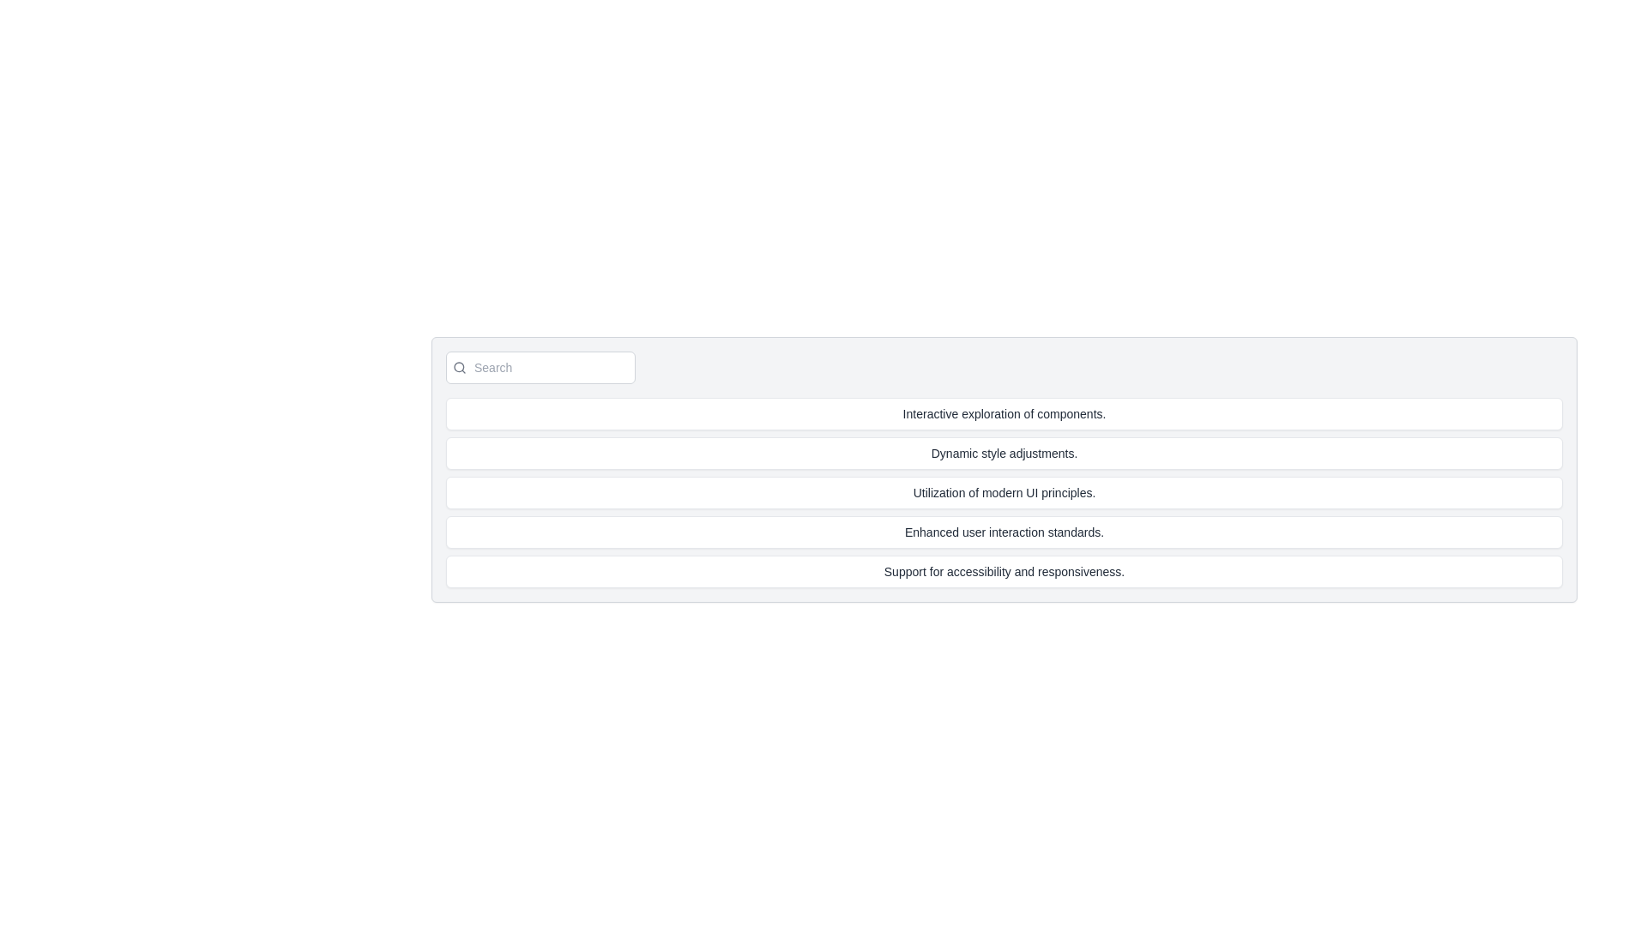 The width and height of the screenshot is (1647, 926). What do you see at coordinates (1099, 572) in the screenshot?
I see `the letter 'n' in the text 'Support for accessibility and responsiveness.' which is the last character in a vertical list of textual descriptions` at bounding box center [1099, 572].